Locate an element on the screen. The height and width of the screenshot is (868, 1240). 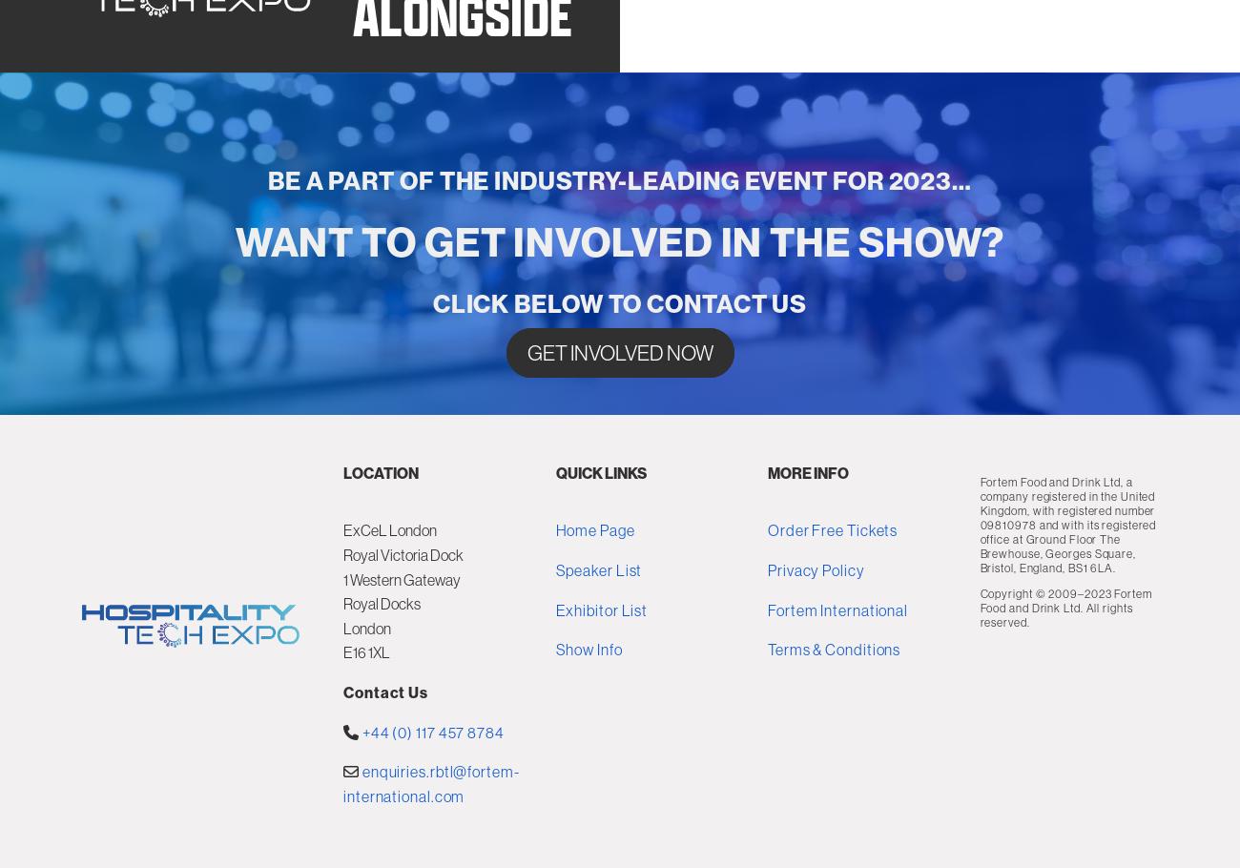
'Fortem Food and Drink Ltd, a company registered in the United Kingdom, with registered number 09810978 and with its registered office at Ground Floor The Brewhouse, Georges Square, Bristol, England, BS1 6LA.' is located at coordinates (1066, 648).